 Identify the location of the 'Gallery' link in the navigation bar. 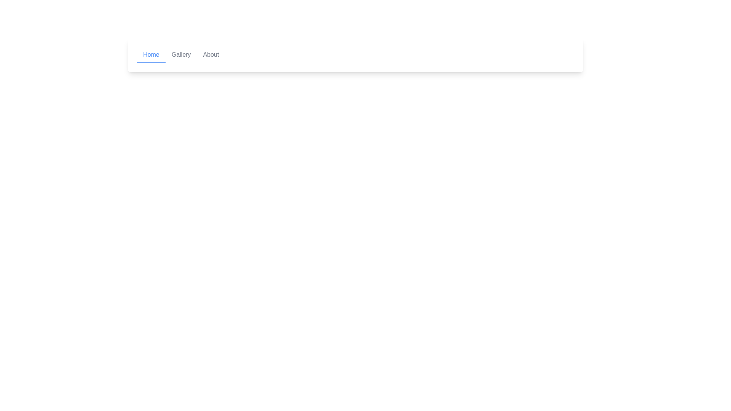
(180, 55).